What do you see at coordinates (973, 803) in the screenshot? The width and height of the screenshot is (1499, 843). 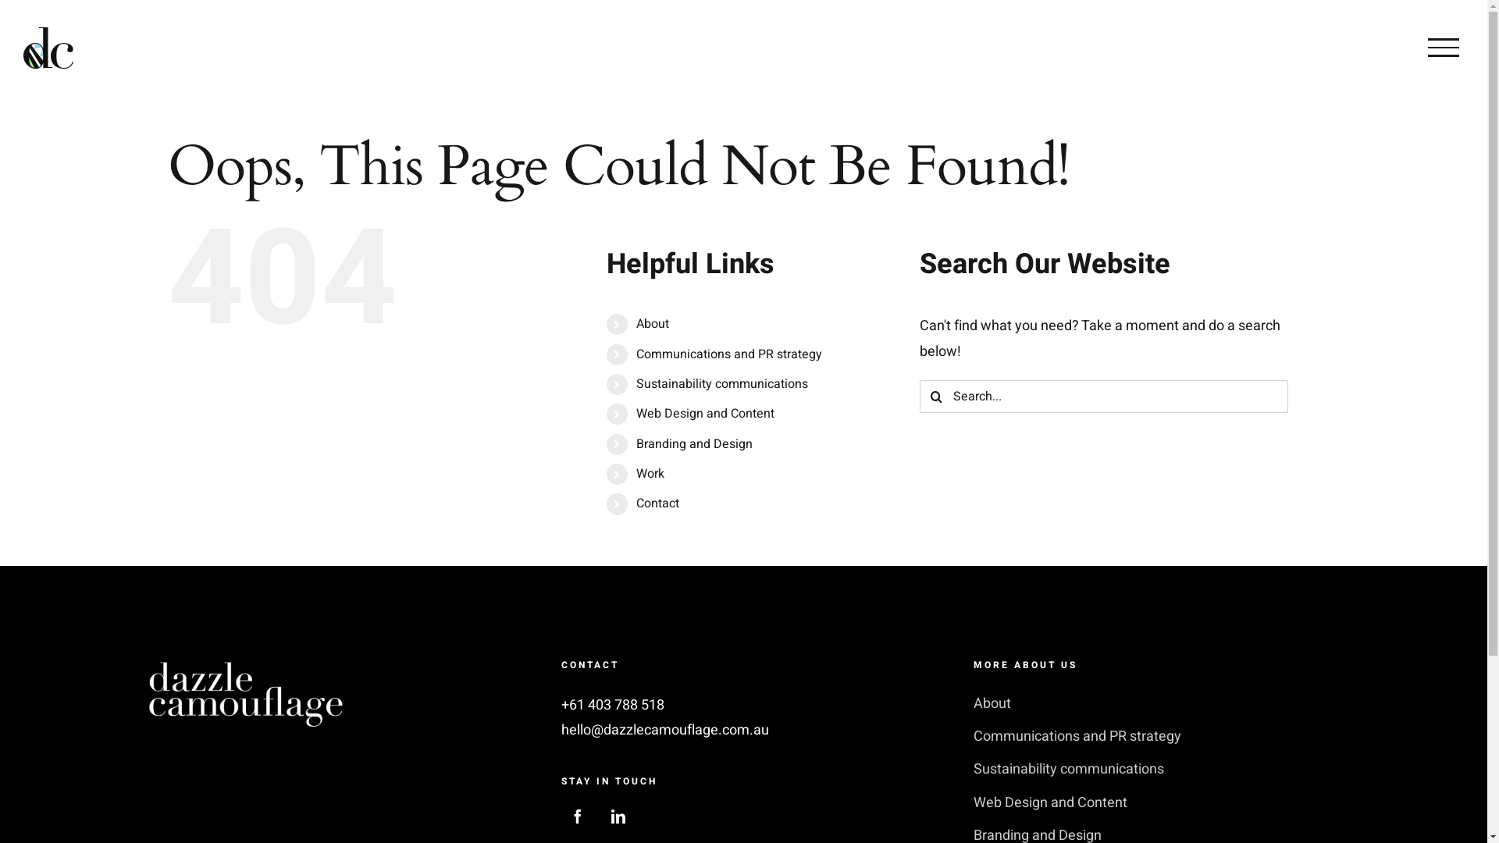 I see `'Web Design and Content'` at bounding box center [973, 803].